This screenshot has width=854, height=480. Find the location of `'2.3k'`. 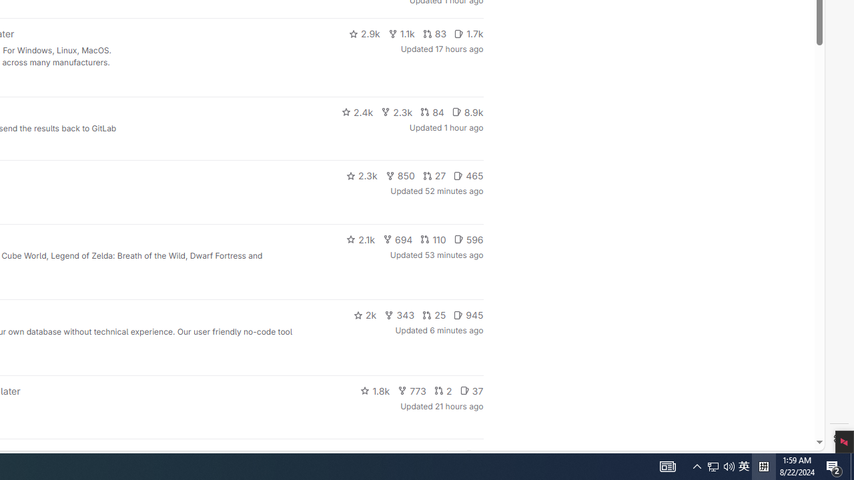

'2.3k' is located at coordinates (362, 175).